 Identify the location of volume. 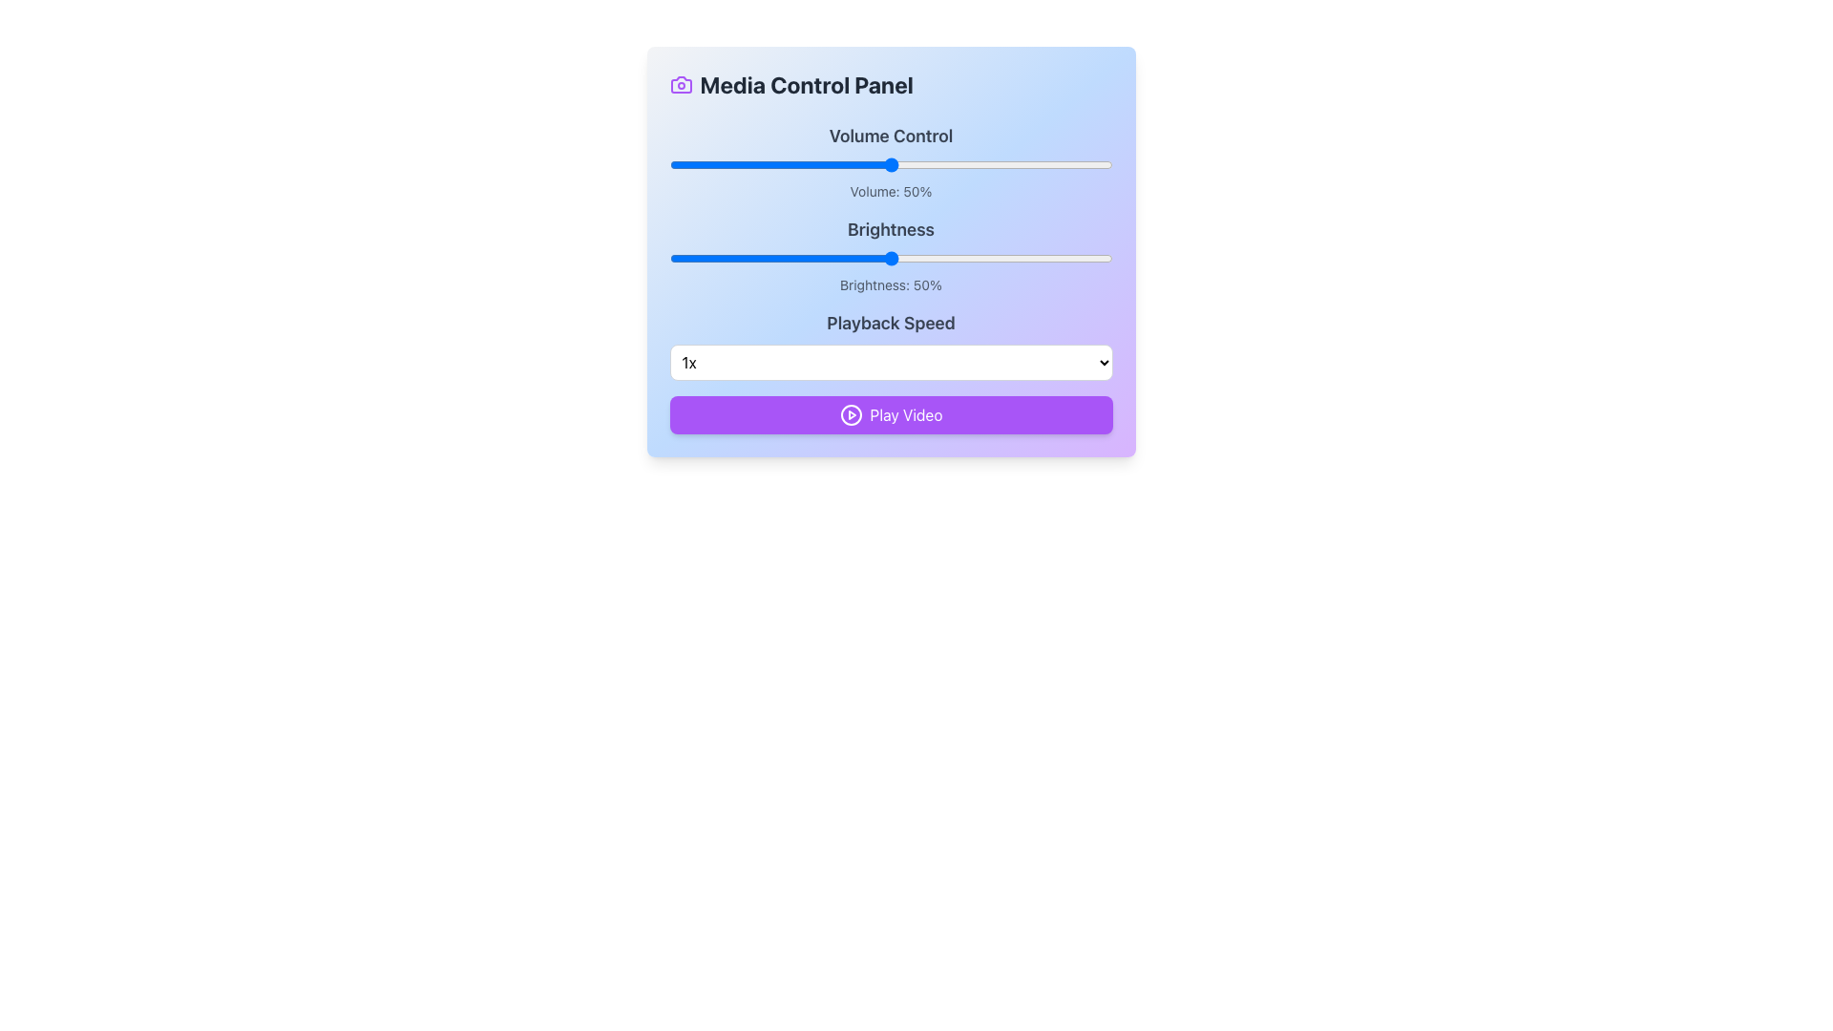
(1005, 164).